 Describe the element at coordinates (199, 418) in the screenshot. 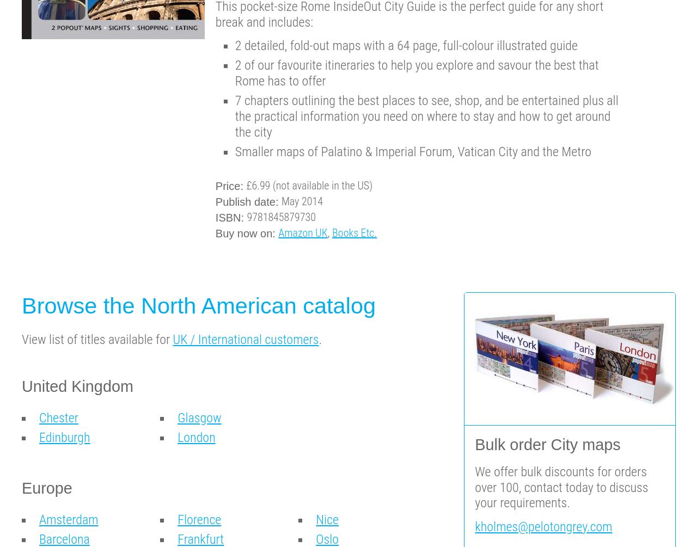

I see `'Glasgow'` at that location.